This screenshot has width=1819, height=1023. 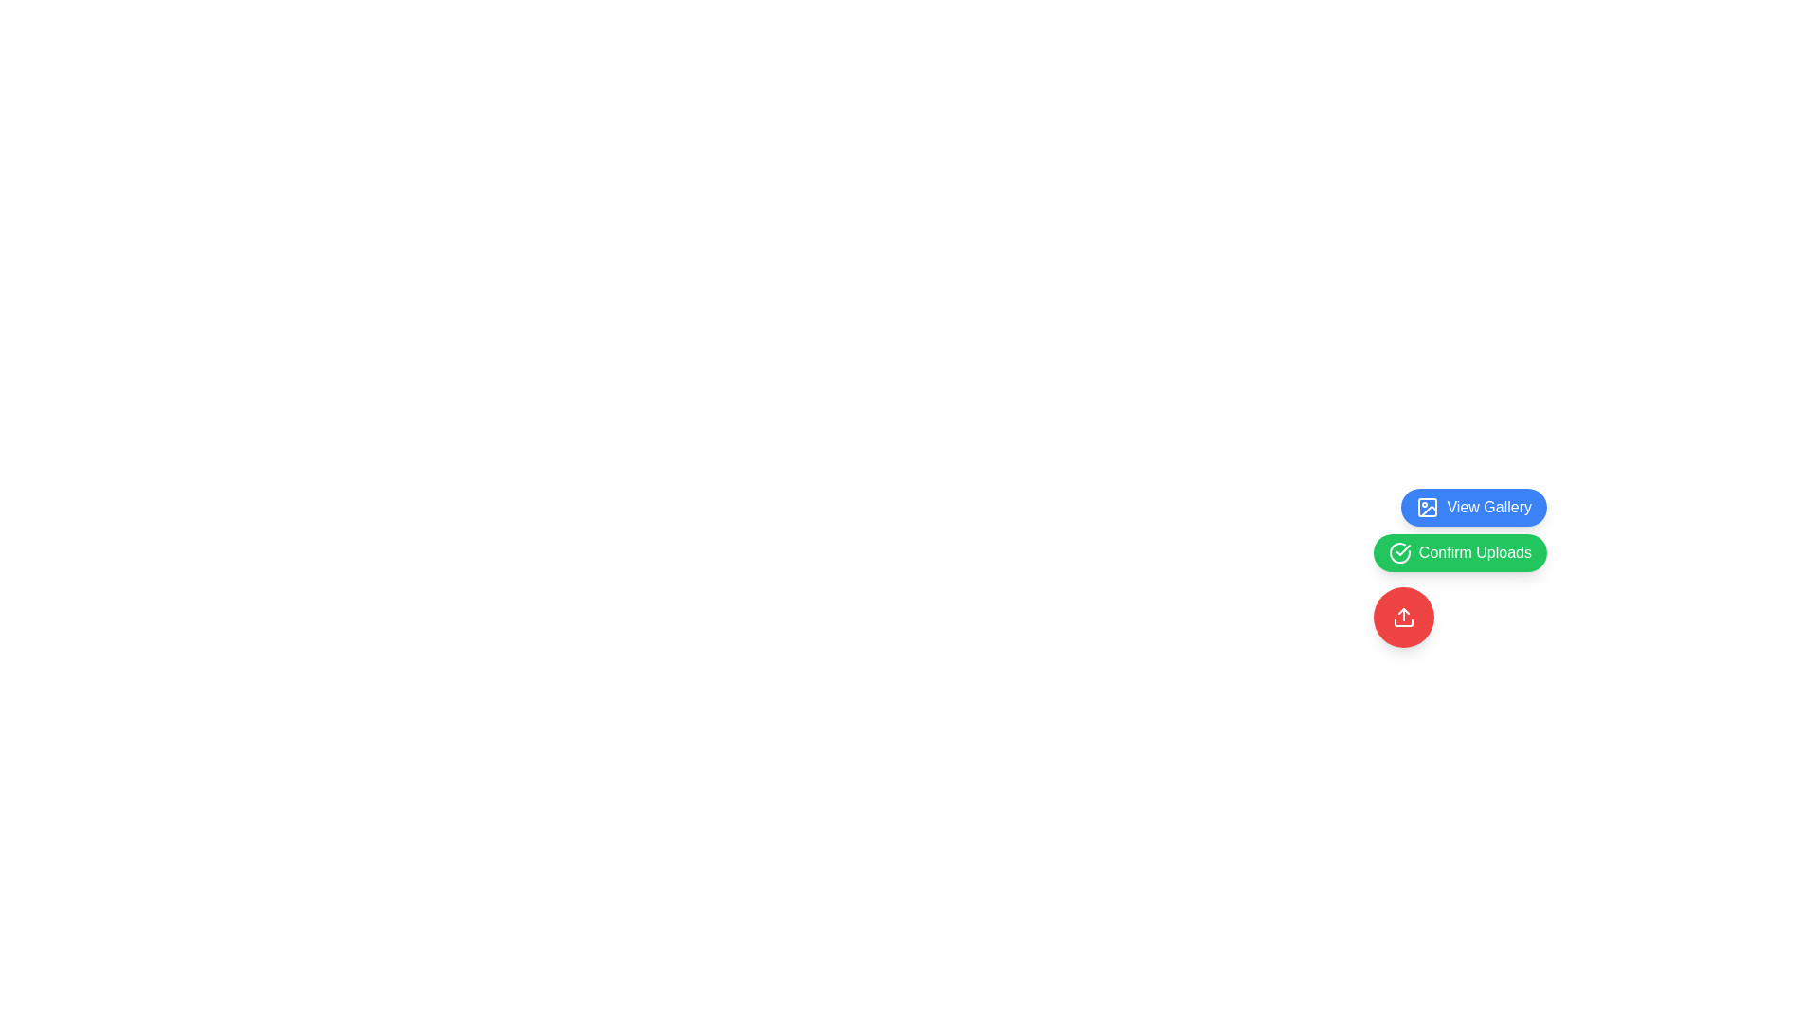 I want to click on the Icon component within the 'View Gallery' button, which is the largest rectangle in a blue button indicating it relates to images, so click(x=1428, y=507).